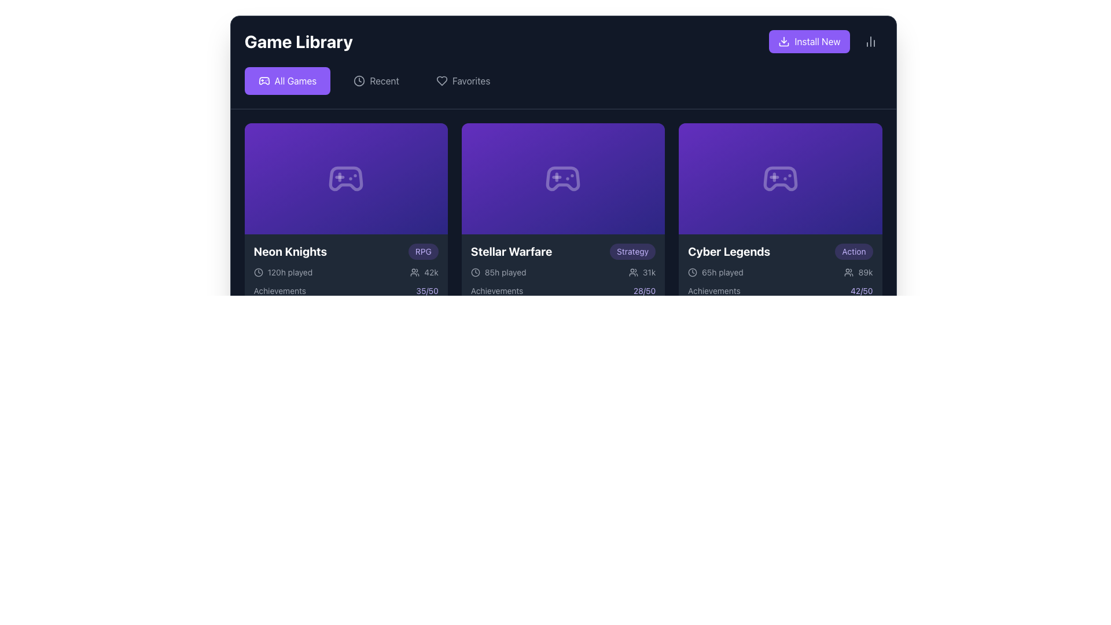 The image size is (1111, 625). I want to click on the label indicating earned achievements located in the bottom header of the 'Cyber Legends' card, positioned under '65h played' and near '42/50' achievements ratio, so click(713, 290).